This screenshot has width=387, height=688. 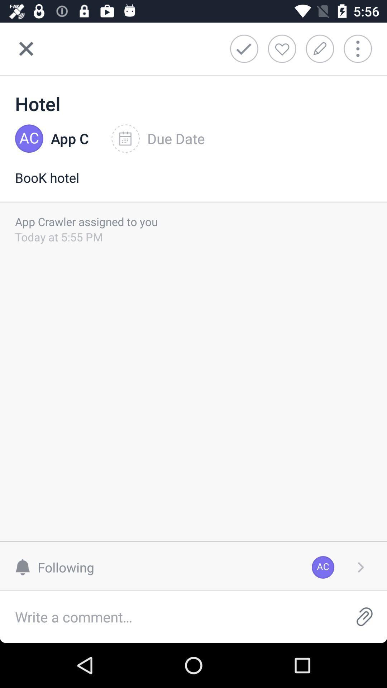 What do you see at coordinates (158, 139) in the screenshot?
I see `item to the right of app c` at bounding box center [158, 139].